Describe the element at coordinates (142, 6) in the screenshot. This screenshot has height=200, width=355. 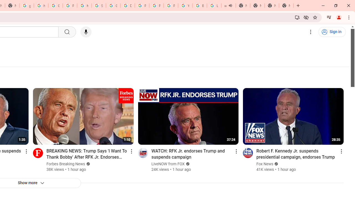
I see `'Privacy Help Center - Policies Help'` at that location.